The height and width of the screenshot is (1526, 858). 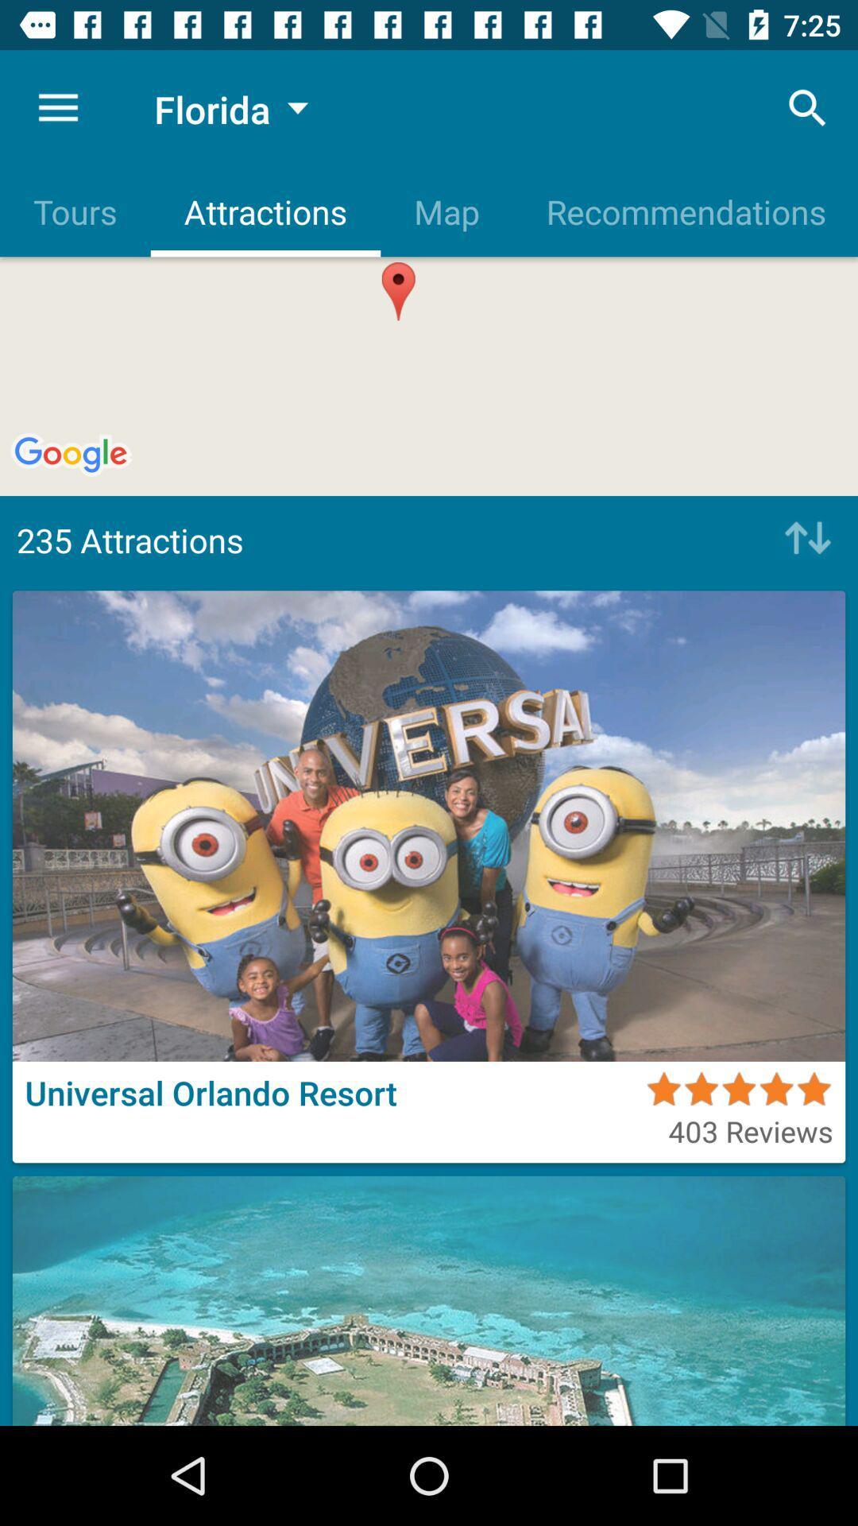 I want to click on the recommendations item, so click(x=684, y=211).